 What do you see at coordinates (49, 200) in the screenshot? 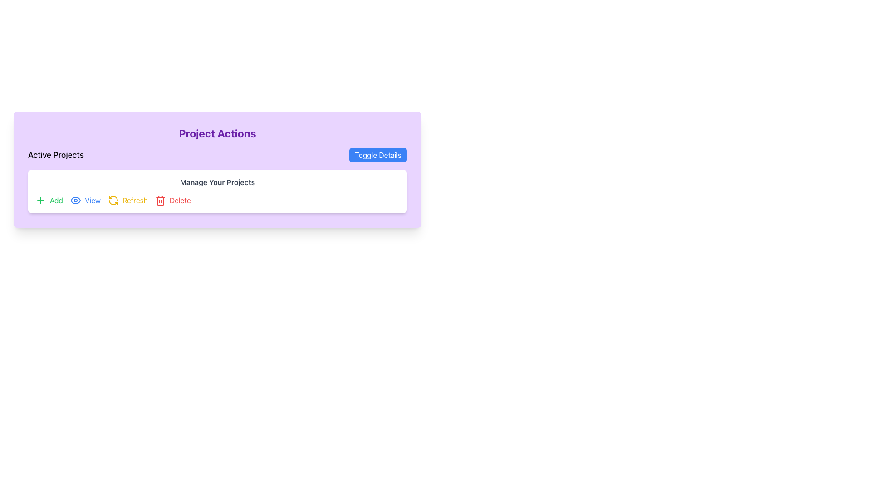
I see `the green 'Add' button with a plus icon` at bounding box center [49, 200].